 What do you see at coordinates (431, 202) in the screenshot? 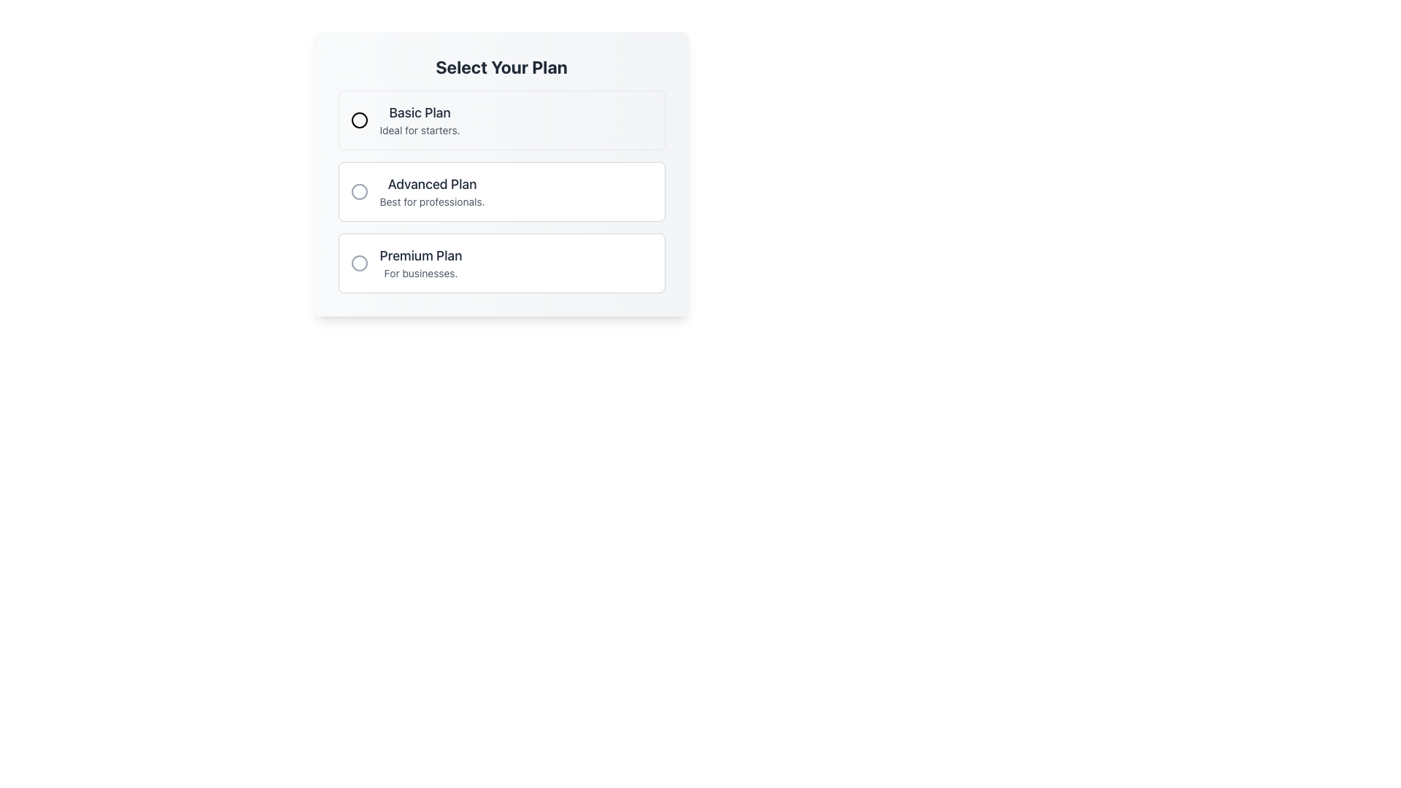
I see `the static text element that reads 'Best for professionals.', which is styled in a smaller, gray font and positioned directly beneath the 'Advanced Plan' text in the second option block` at bounding box center [431, 202].